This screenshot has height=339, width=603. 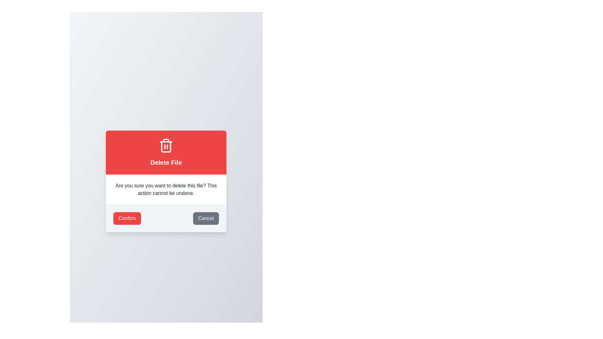 I want to click on warning message displayed in the text block located below the 'Delete File' header in the modal dialog box, which informs the user about the irreversible nature of file deletion, so click(x=166, y=189).